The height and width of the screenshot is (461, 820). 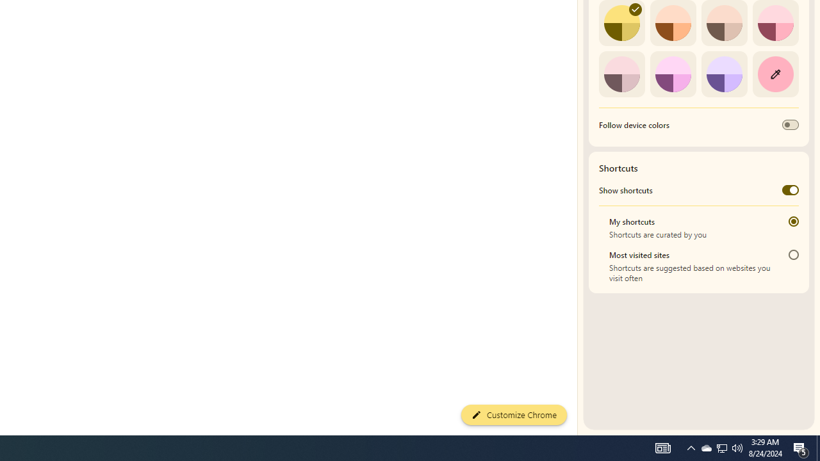 What do you see at coordinates (789, 190) in the screenshot?
I see `'Show shortcuts'` at bounding box center [789, 190].